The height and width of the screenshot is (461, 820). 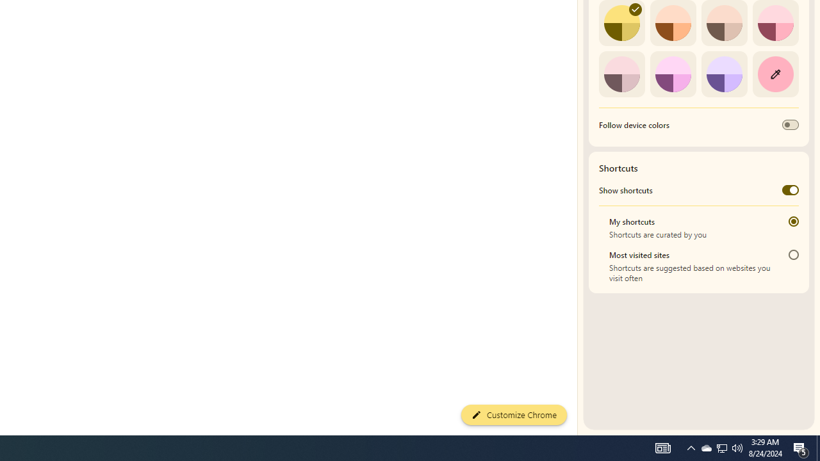 What do you see at coordinates (789, 190) in the screenshot?
I see `'Show shortcuts'` at bounding box center [789, 190].